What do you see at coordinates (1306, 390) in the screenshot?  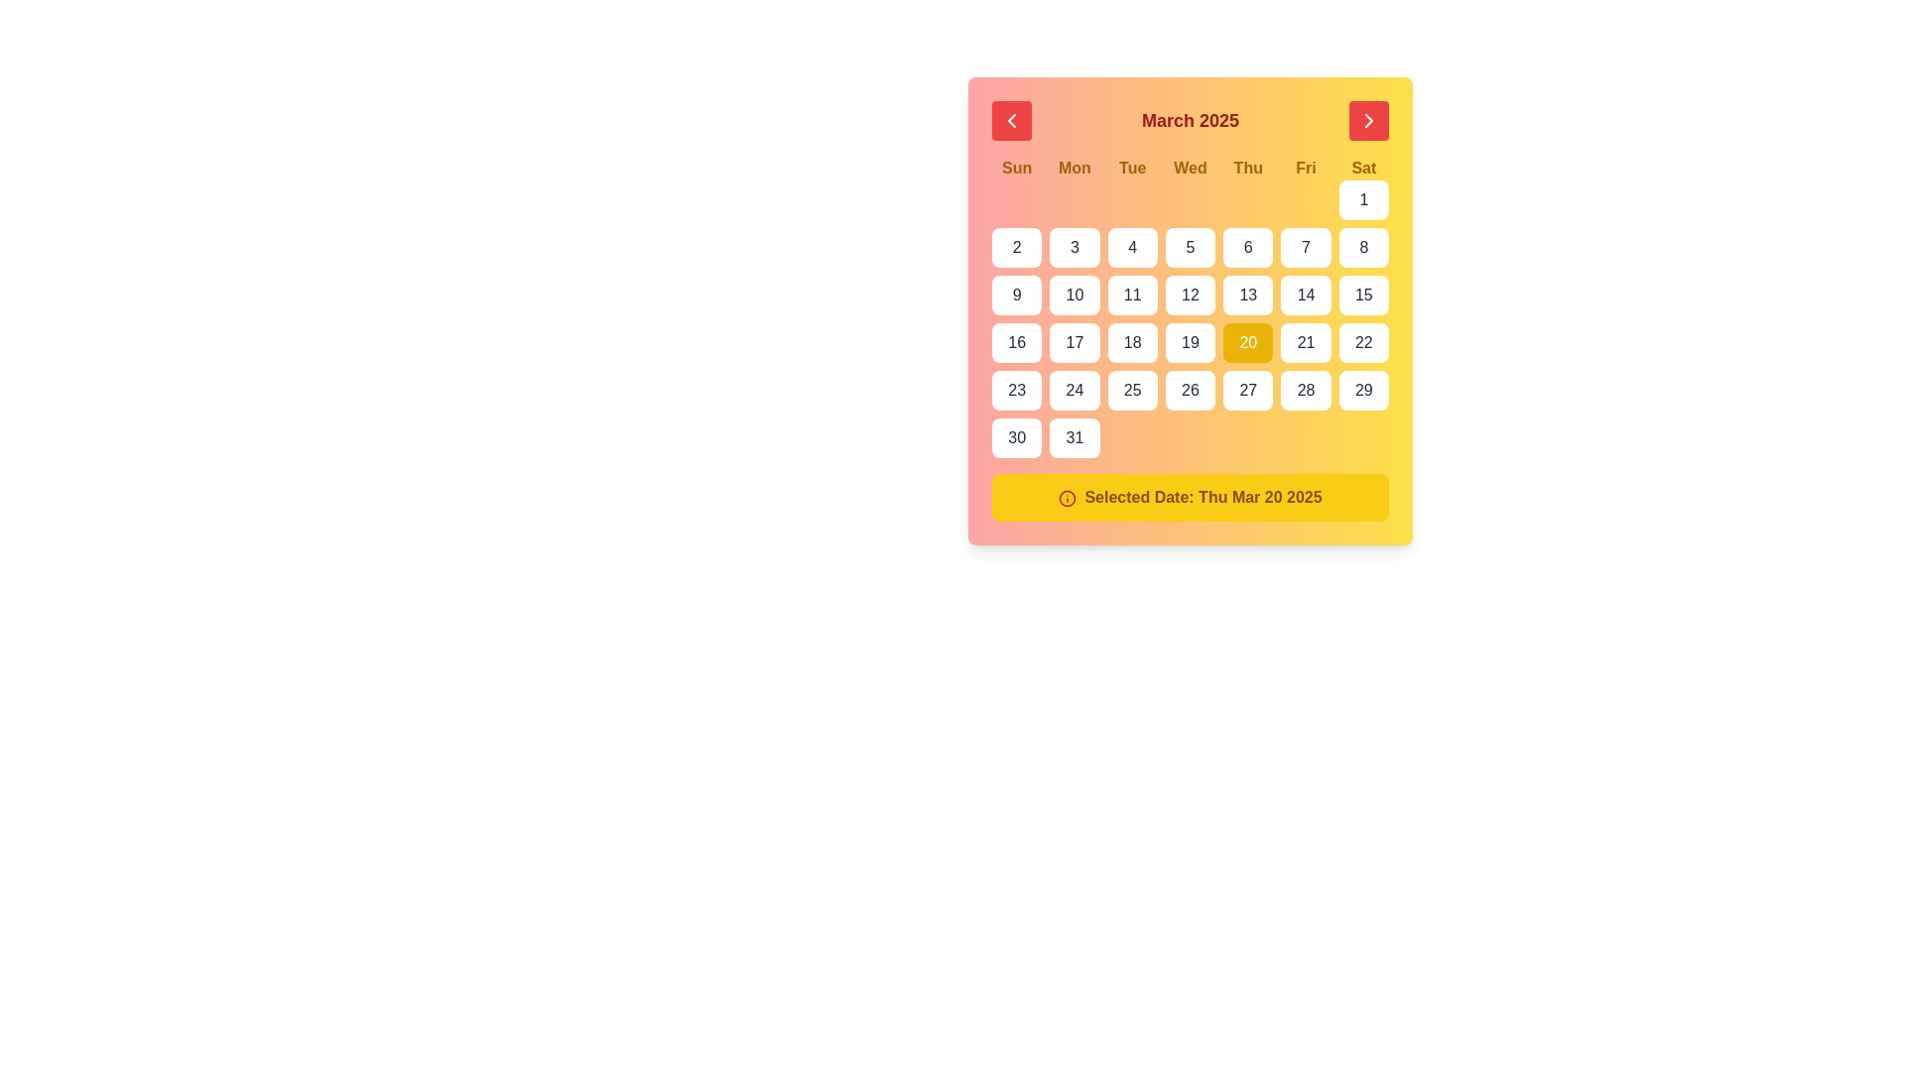 I see `the square button with rounded corners displaying the number '28'` at bounding box center [1306, 390].